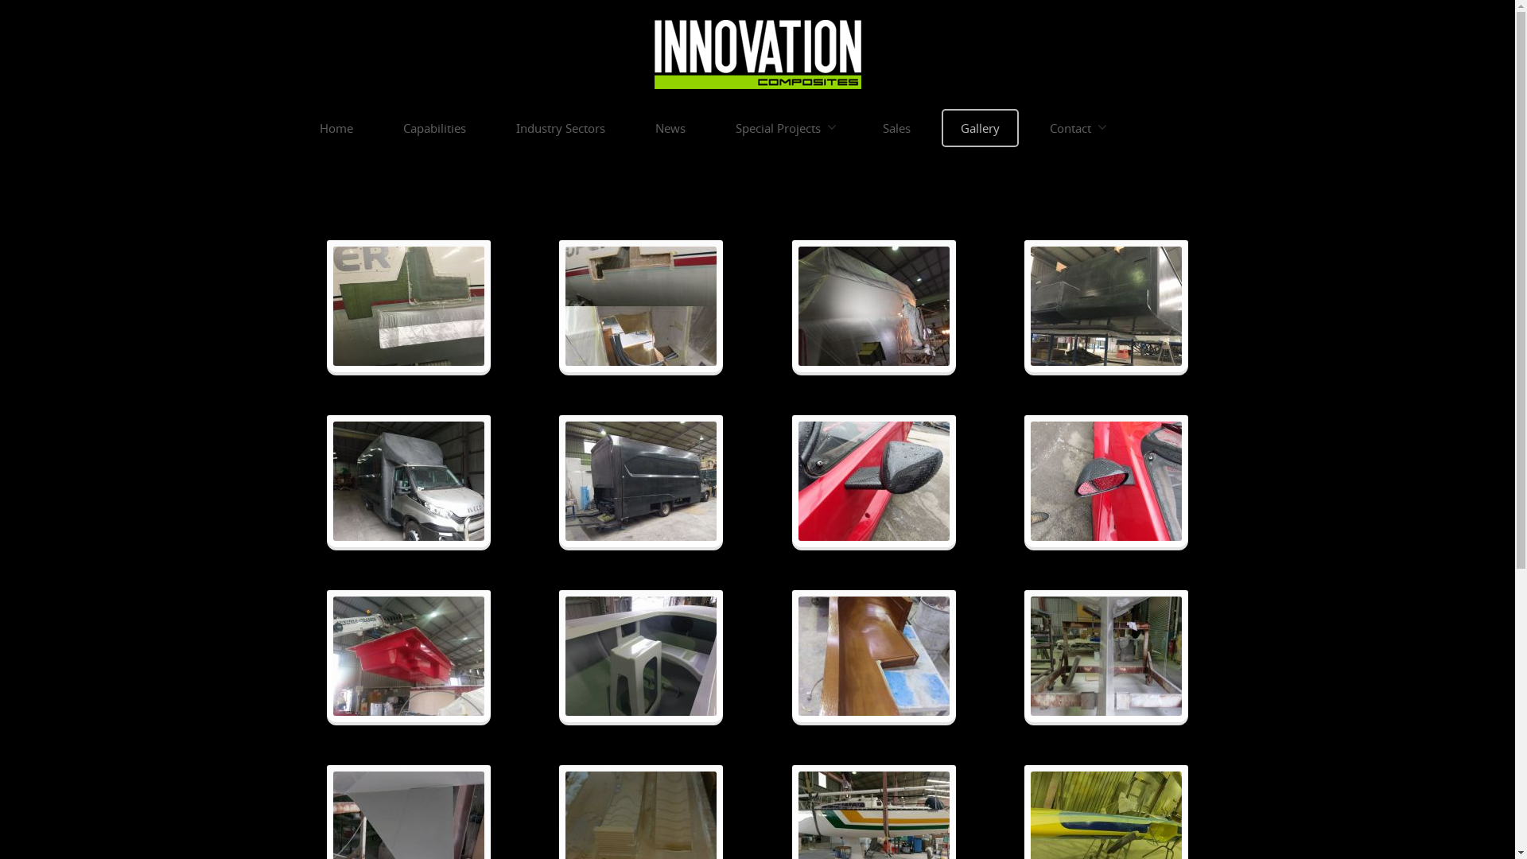  What do you see at coordinates (637, 127) in the screenshot?
I see `'News'` at bounding box center [637, 127].